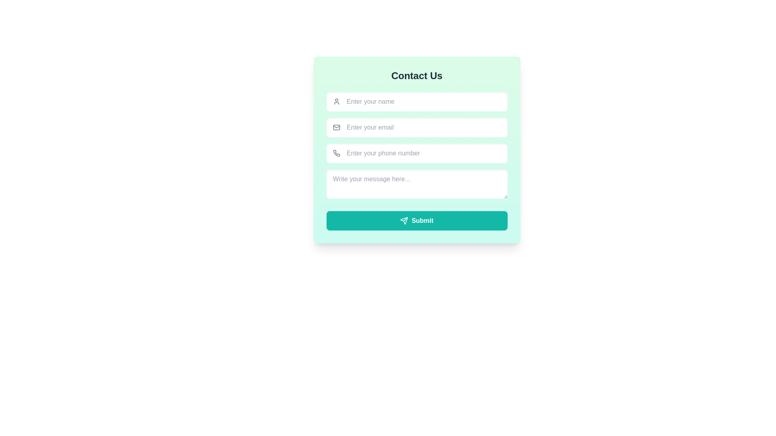 The height and width of the screenshot is (436, 776). Describe the element at coordinates (336, 127) in the screenshot. I see `the email icon styled as an envelope, which is positioned to the left of the 'Enter your email' text input area in the central form of the layout` at that location.